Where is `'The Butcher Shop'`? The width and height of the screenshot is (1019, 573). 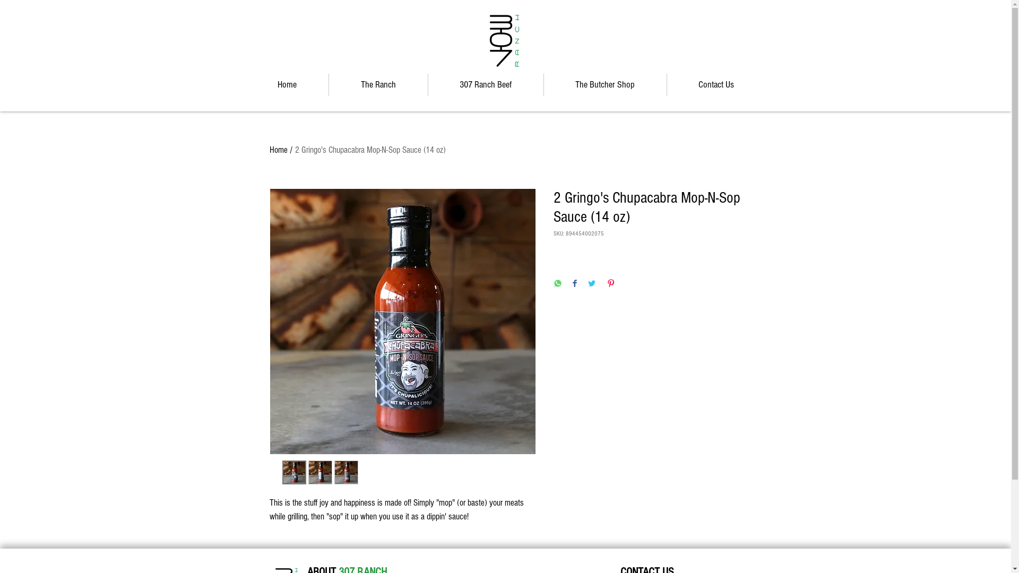
'The Butcher Shop' is located at coordinates (543, 84).